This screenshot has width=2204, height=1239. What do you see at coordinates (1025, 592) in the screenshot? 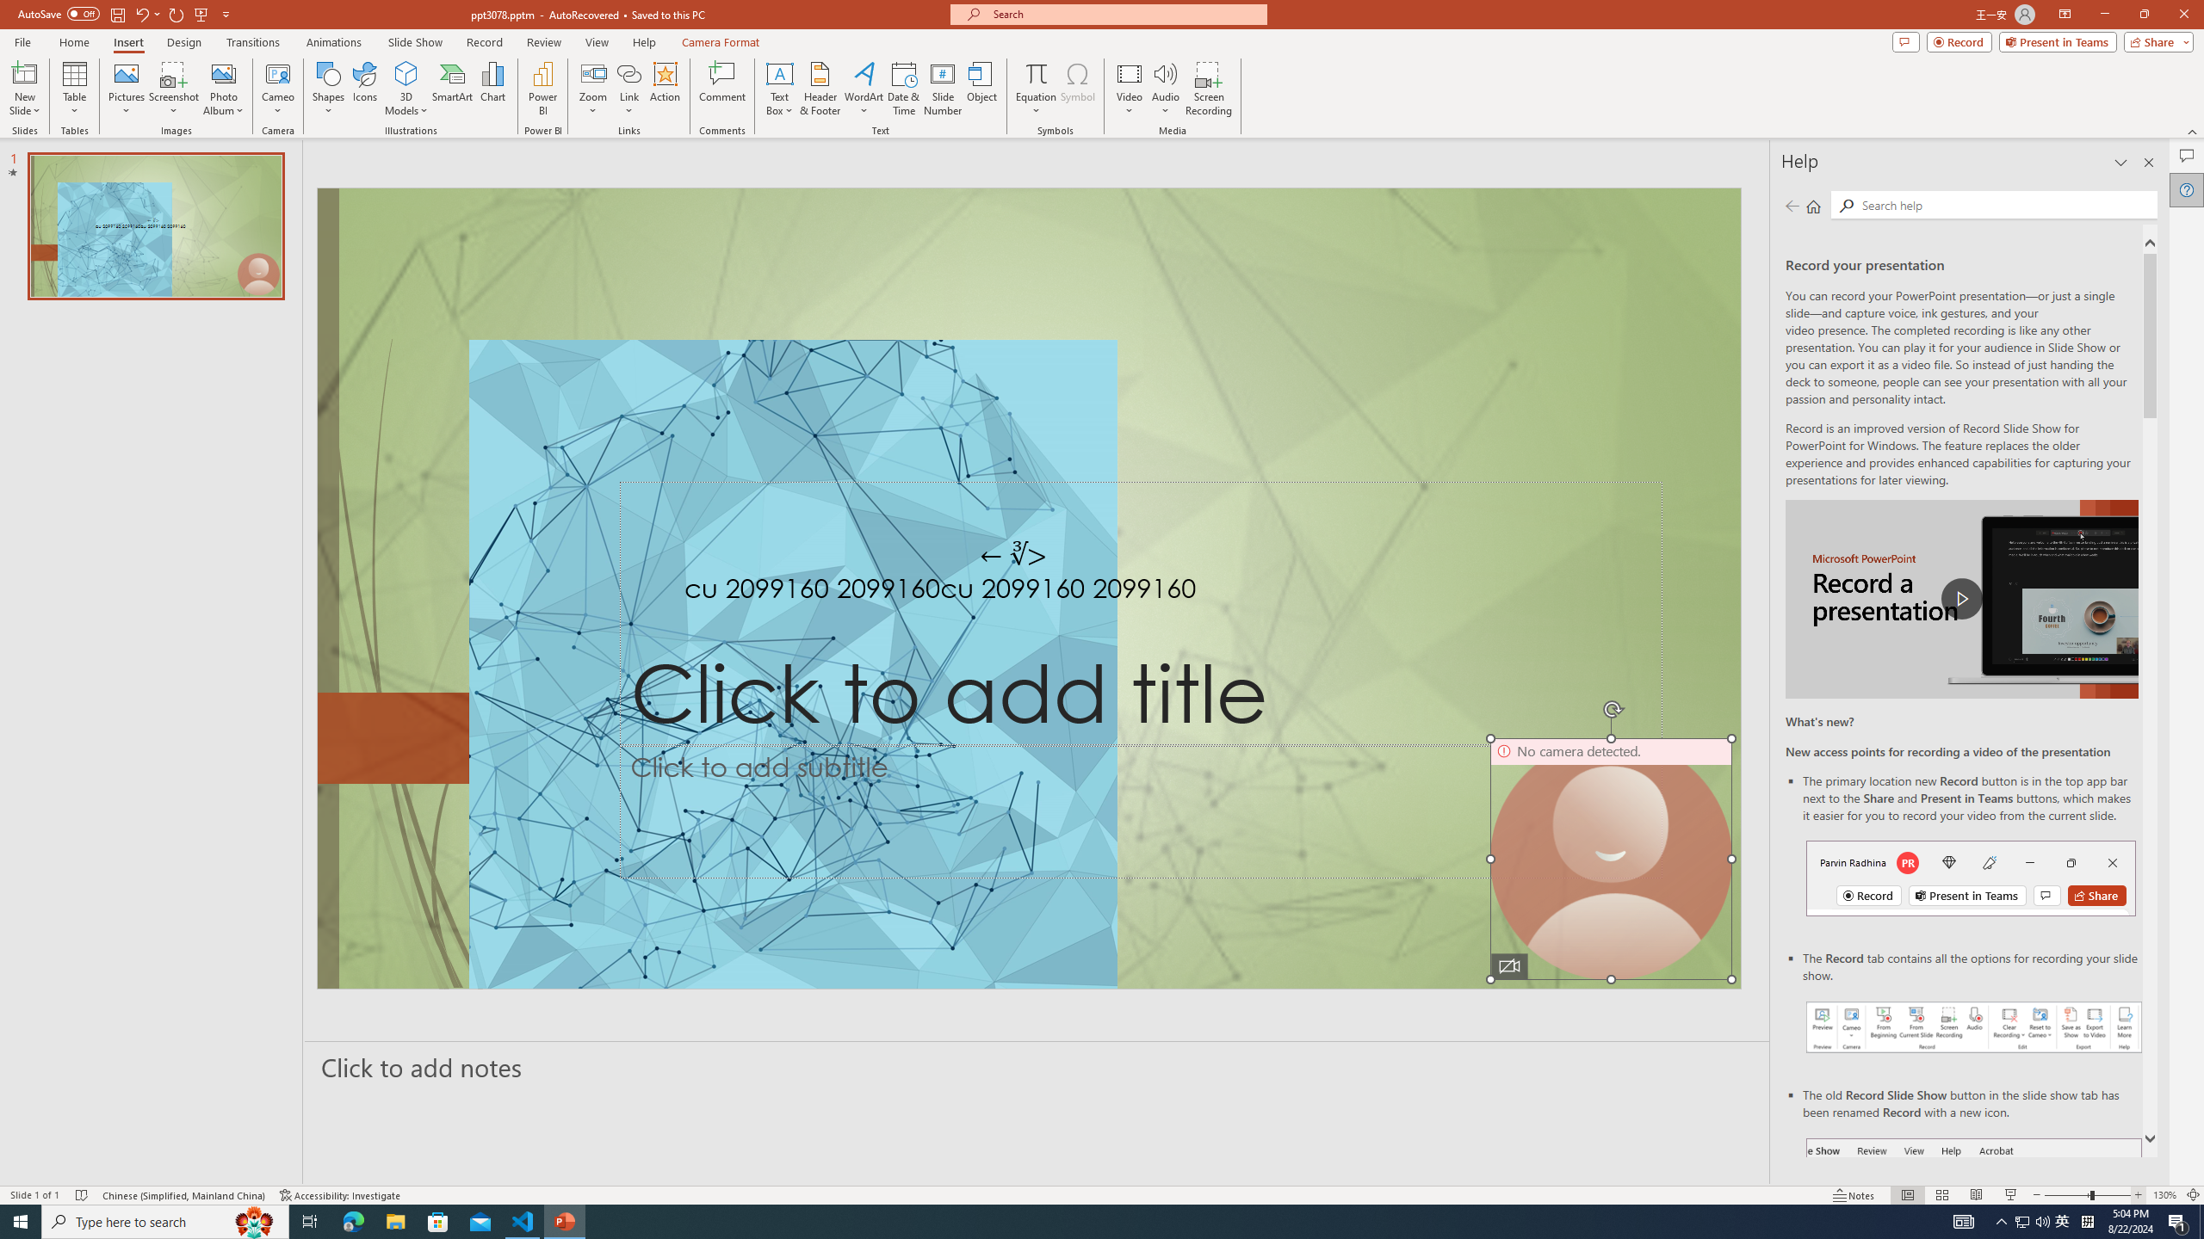
I see `'TextBox 61'` at bounding box center [1025, 592].